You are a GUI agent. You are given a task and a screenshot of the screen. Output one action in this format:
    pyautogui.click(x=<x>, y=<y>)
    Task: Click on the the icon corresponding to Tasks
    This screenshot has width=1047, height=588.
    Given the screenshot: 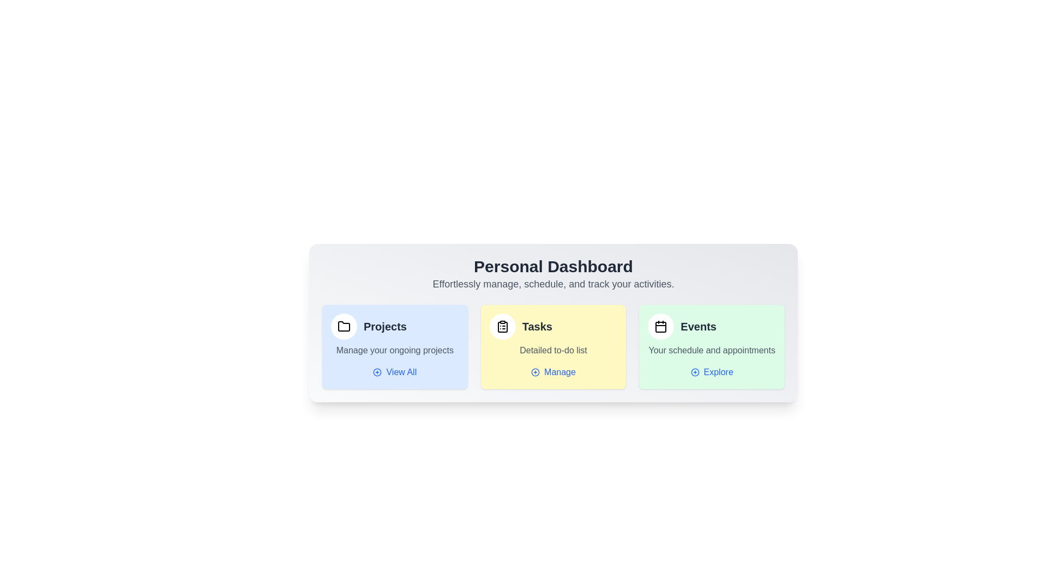 What is the action you would take?
    pyautogui.click(x=502, y=326)
    